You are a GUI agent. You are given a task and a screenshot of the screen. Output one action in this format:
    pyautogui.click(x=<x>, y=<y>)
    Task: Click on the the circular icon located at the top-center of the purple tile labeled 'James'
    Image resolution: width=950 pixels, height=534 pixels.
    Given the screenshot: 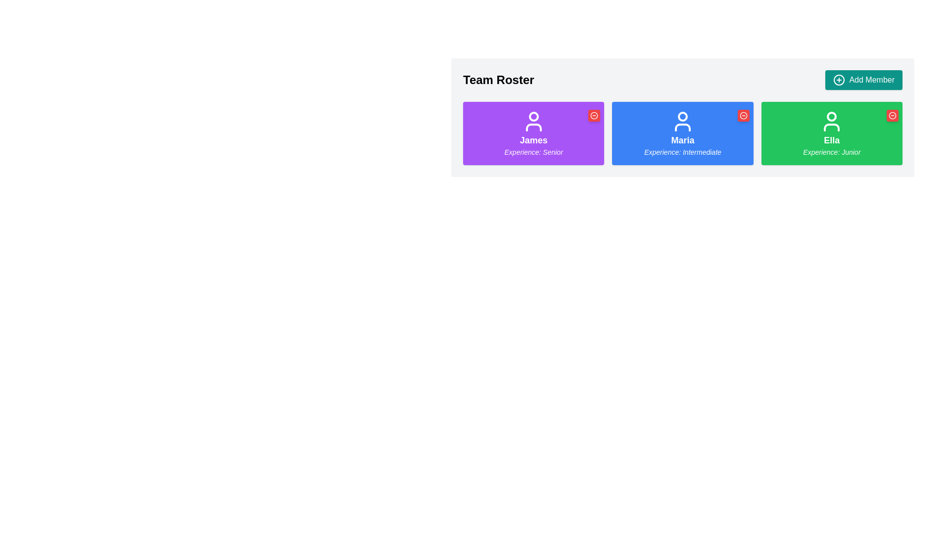 What is the action you would take?
    pyautogui.click(x=533, y=116)
    